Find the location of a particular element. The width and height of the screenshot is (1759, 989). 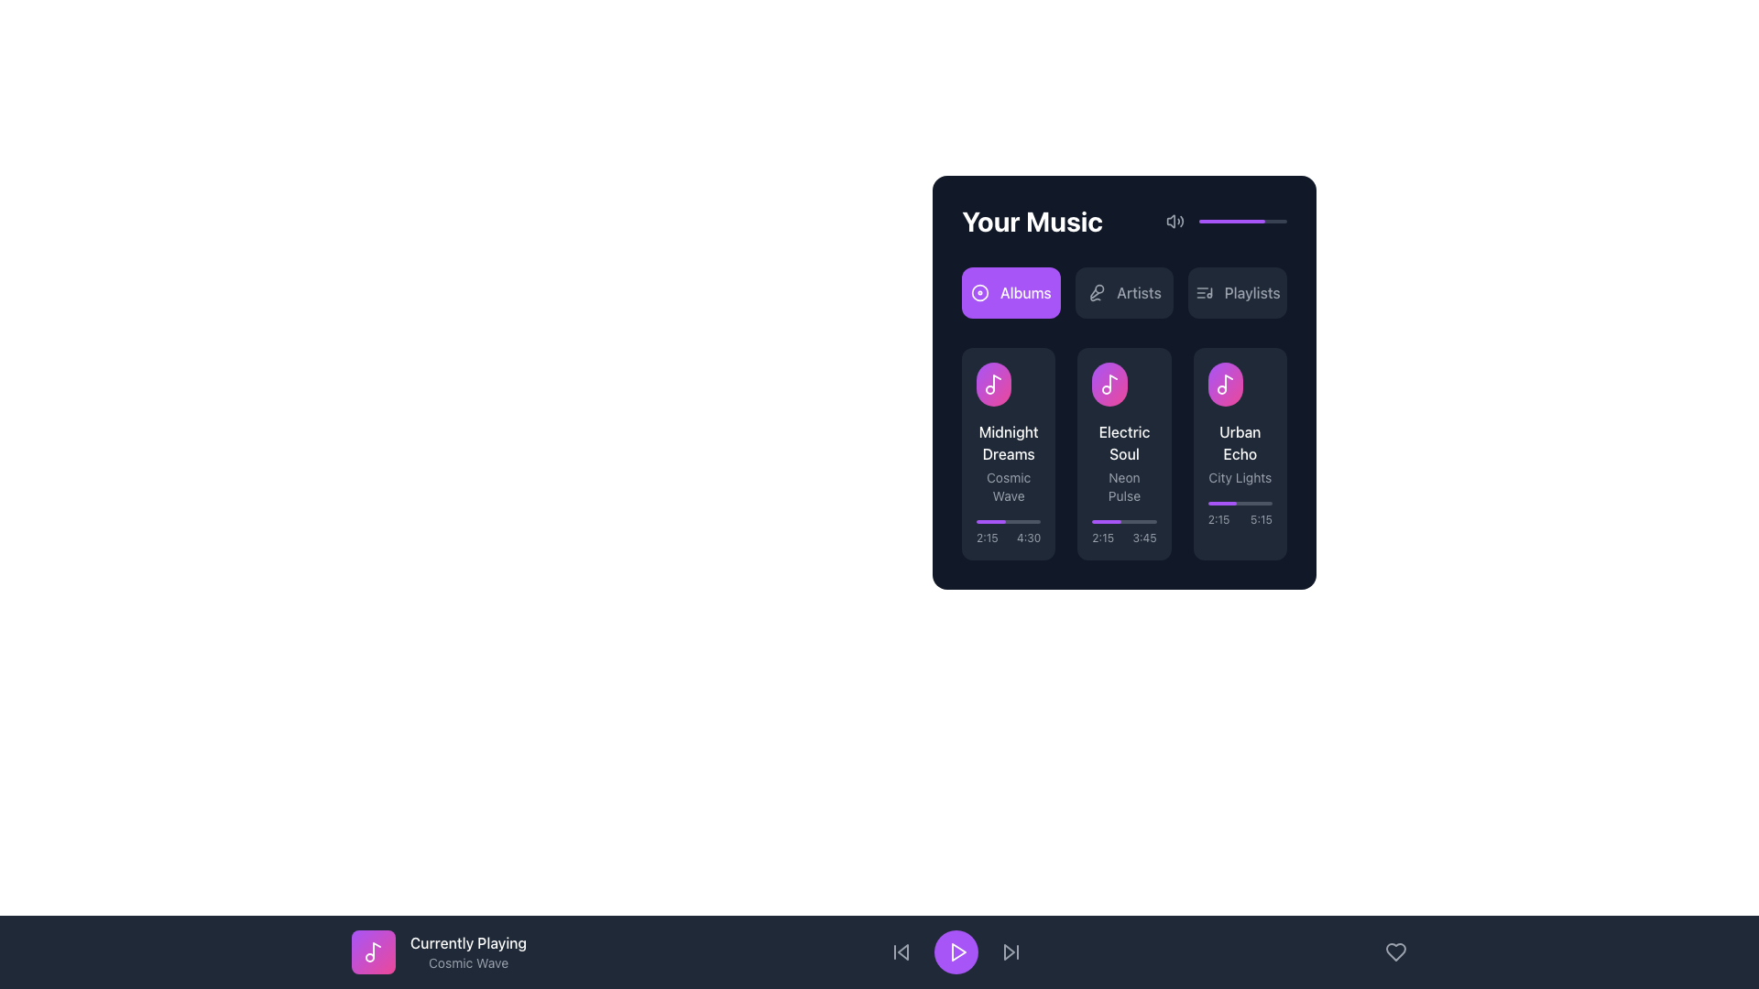

the left-pointing double-chevron button in the playback controls to change its color from muted gray to white is located at coordinates (901, 951).